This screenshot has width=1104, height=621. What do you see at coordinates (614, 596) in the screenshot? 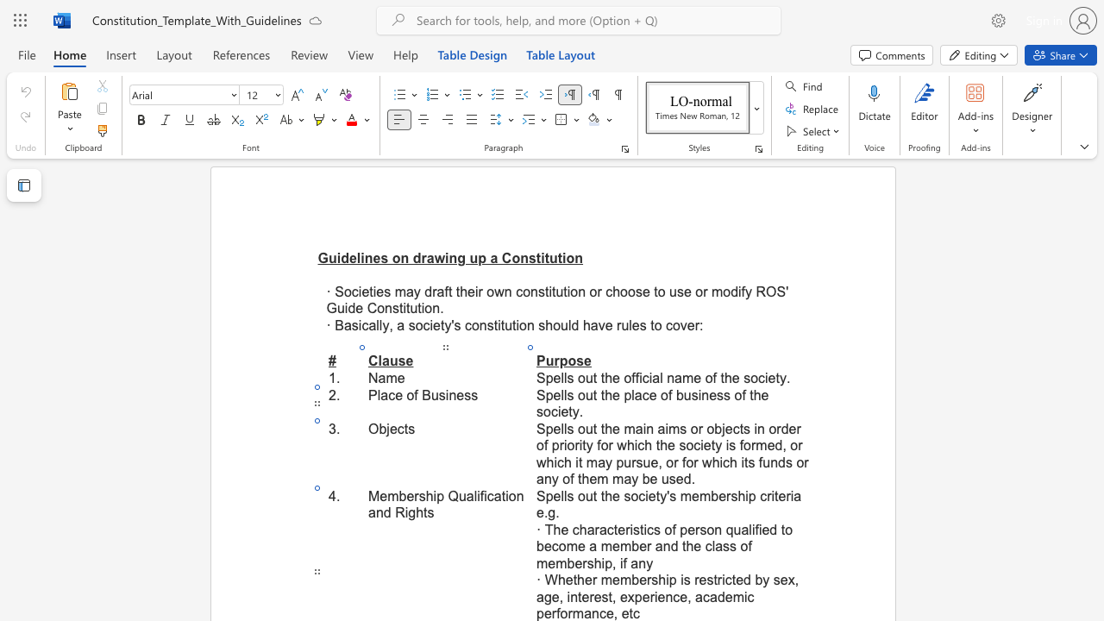
I see `the 3th character "," in the text` at bounding box center [614, 596].